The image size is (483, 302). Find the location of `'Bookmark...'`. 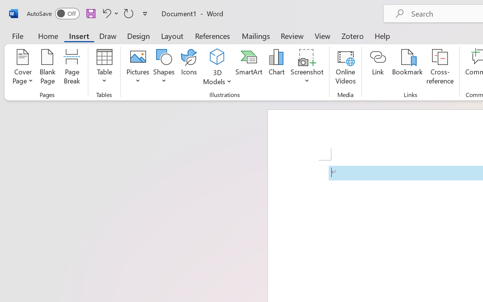

'Bookmark...' is located at coordinates (407, 68).